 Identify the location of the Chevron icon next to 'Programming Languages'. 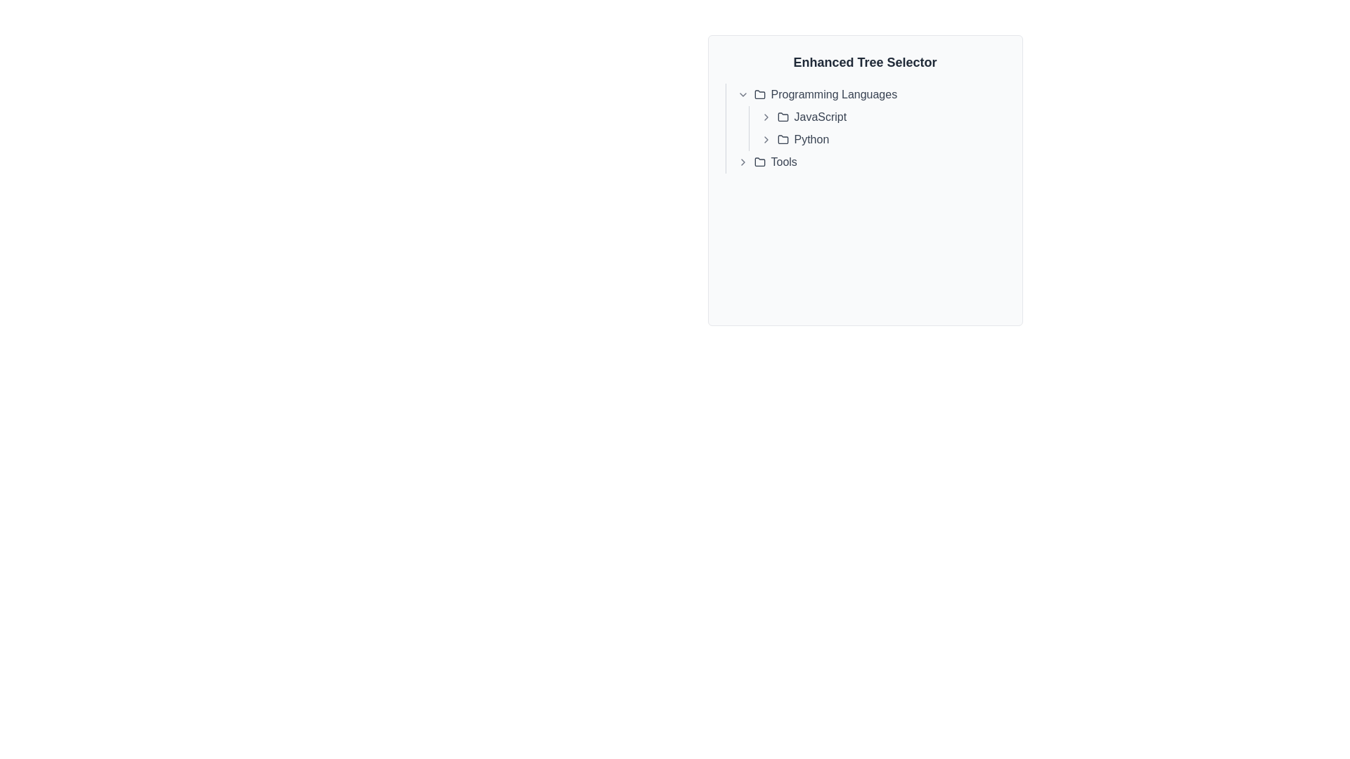
(742, 95).